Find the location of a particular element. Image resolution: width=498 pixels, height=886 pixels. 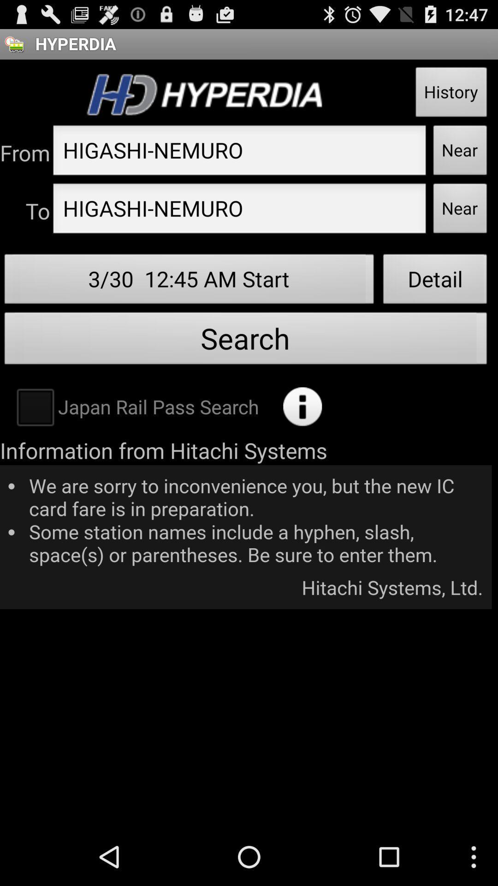

search is located at coordinates (302, 406).